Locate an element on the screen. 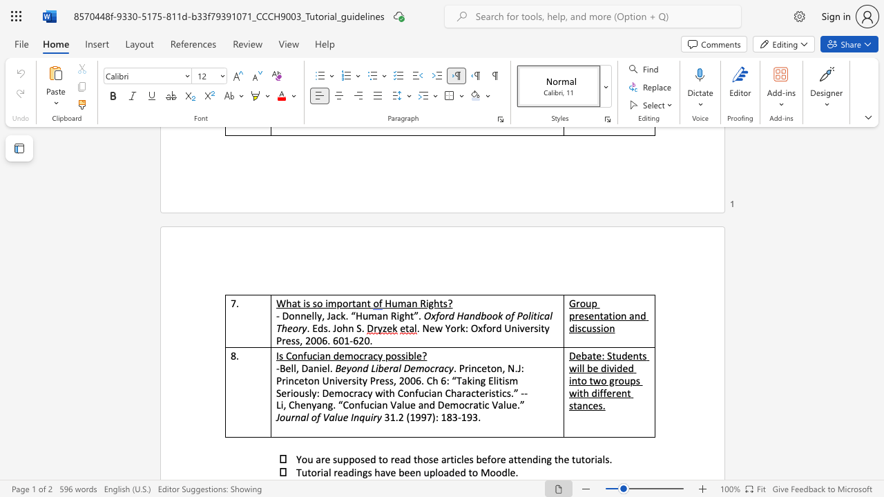  the subset text "of Va" within the text "Journal of Value Inquiry" is located at coordinates (310, 416).